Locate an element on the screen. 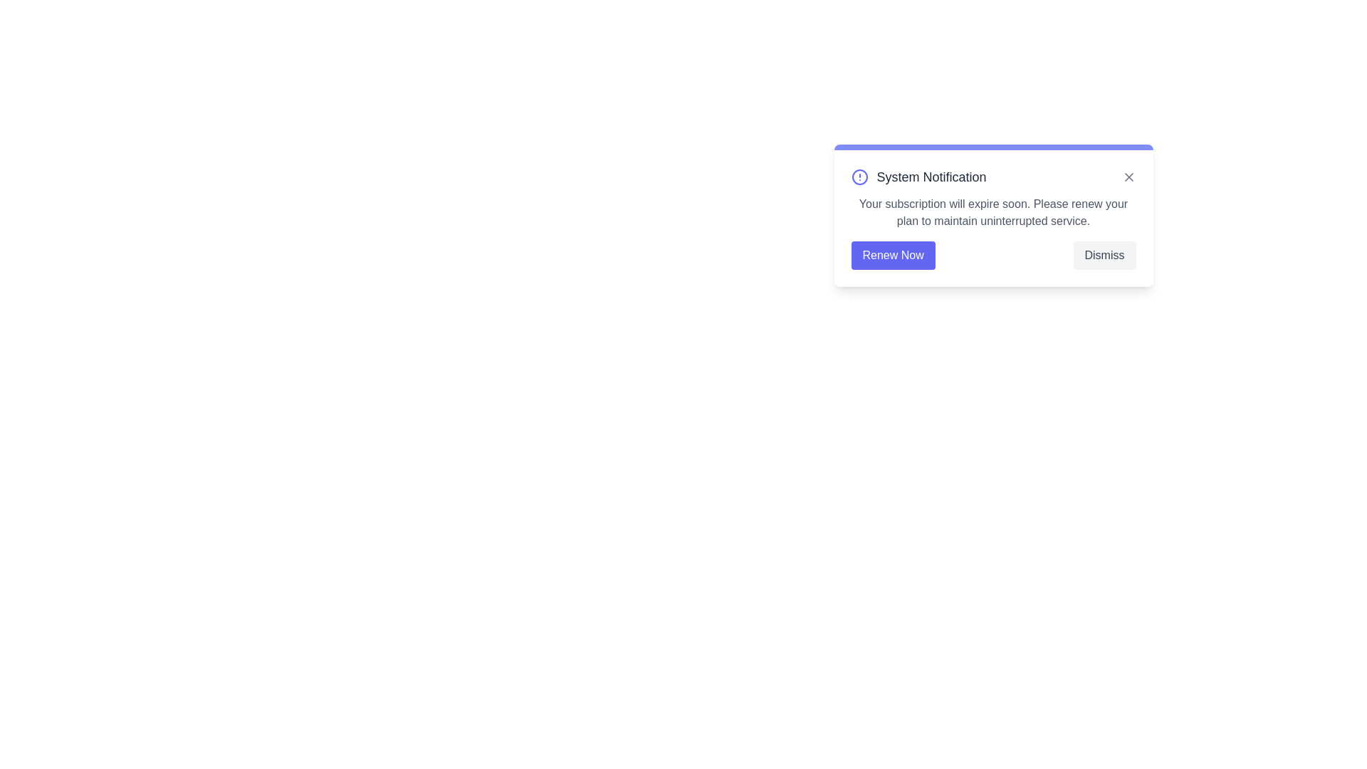  the notification icon to inspect its appearance is located at coordinates (859, 177).